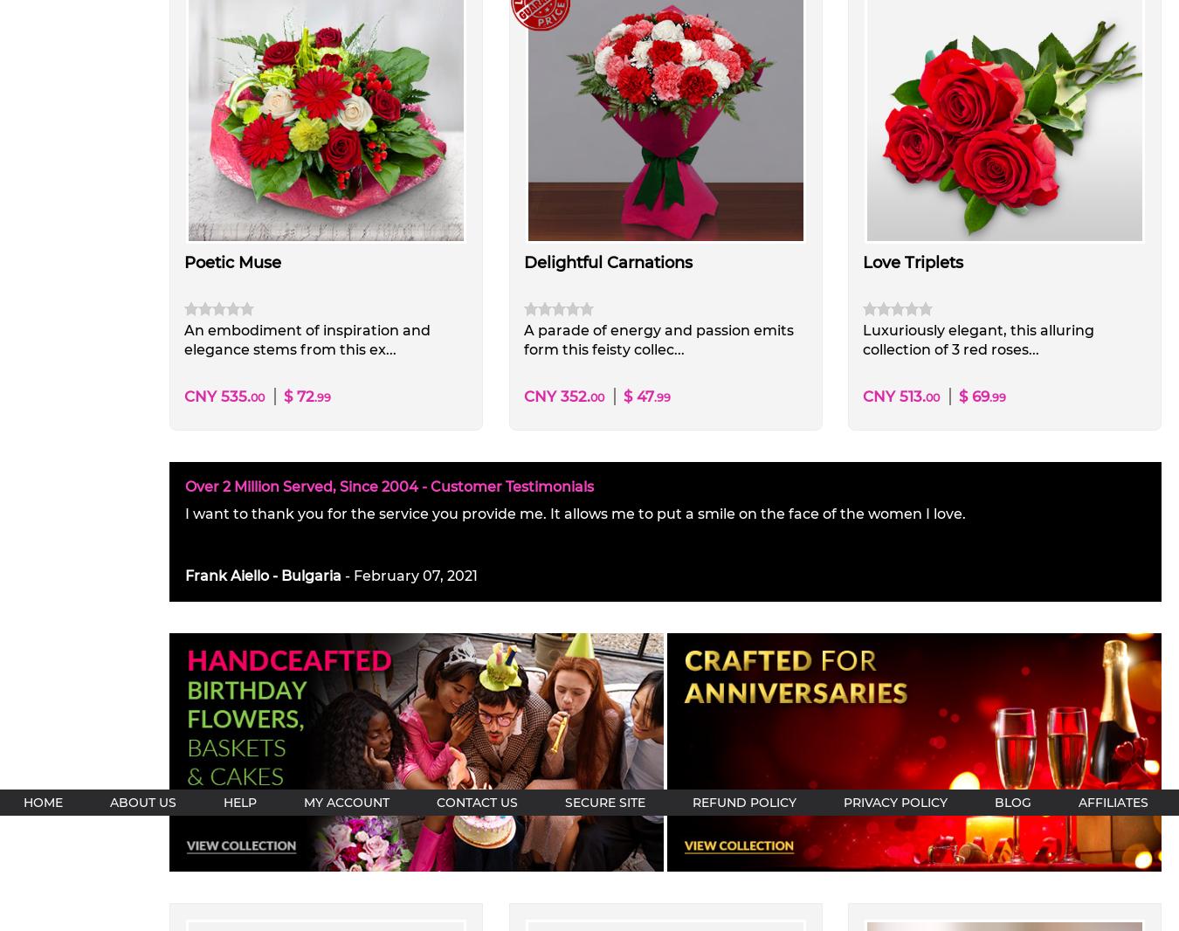 The image size is (1179, 931). Describe the element at coordinates (216, 396) in the screenshot. I see `'CNY 535.'` at that location.